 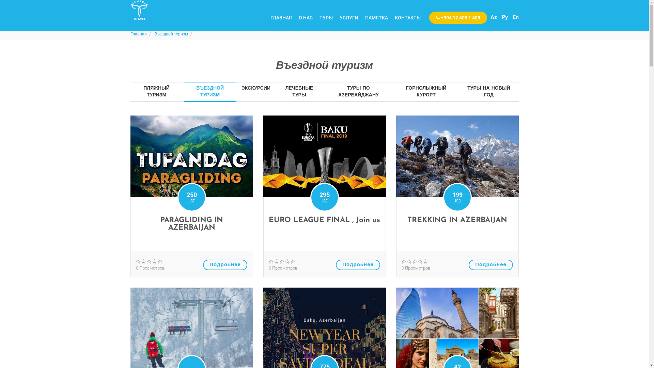 What do you see at coordinates (494, 17) in the screenshot?
I see `'Az'` at bounding box center [494, 17].